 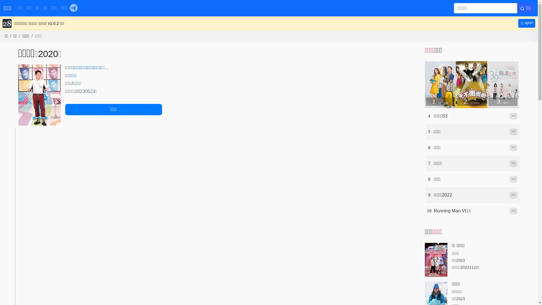 What do you see at coordinates (48, 54) in the screenshot?
I see `'2020'` at bounding box center [48, 54].